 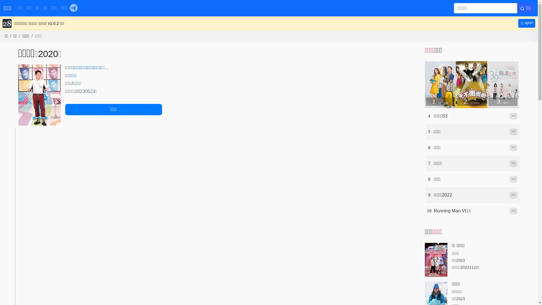 What do you see at coordinates (48, 54) in the screenshot?
I see `'2020'` at bounding box center [48, 54].